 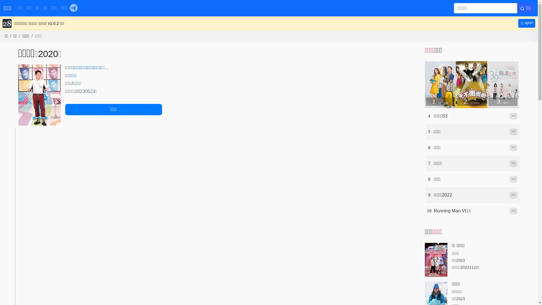 What do you see at coordinates (48, 54) in the screenshot?
I see `'2020'` at bounding box center [48, 54].